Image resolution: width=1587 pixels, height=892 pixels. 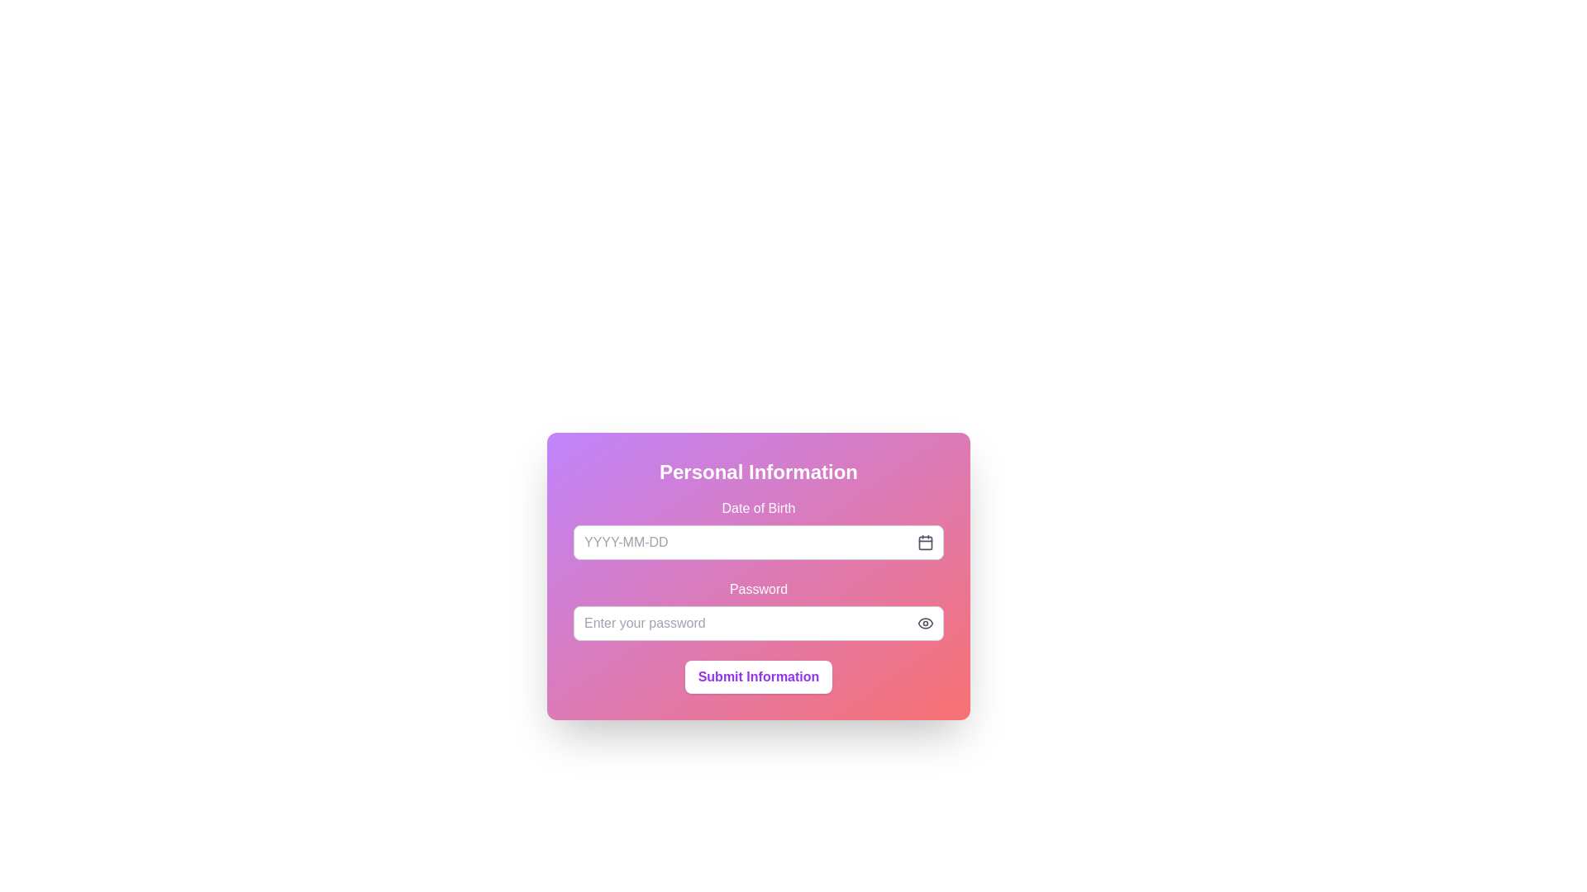 What do you see at coordinates (757, 508) in the screenshot?
I see `the text label indicating the date of birth input field, which is positioned directly above the input field for entering a date in the format 'YYYY-MM-DD'` at bounding box center [757, 508].